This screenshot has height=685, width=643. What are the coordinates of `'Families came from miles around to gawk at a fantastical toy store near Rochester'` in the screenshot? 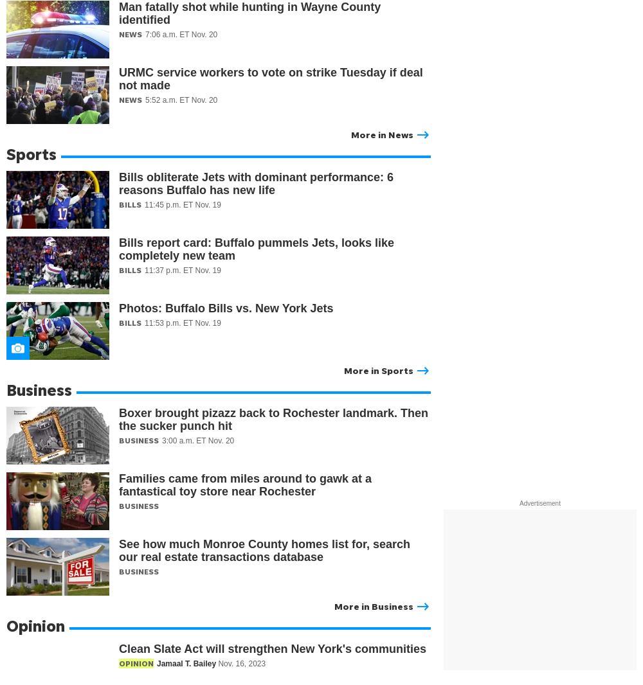 It's located at (245, 485).